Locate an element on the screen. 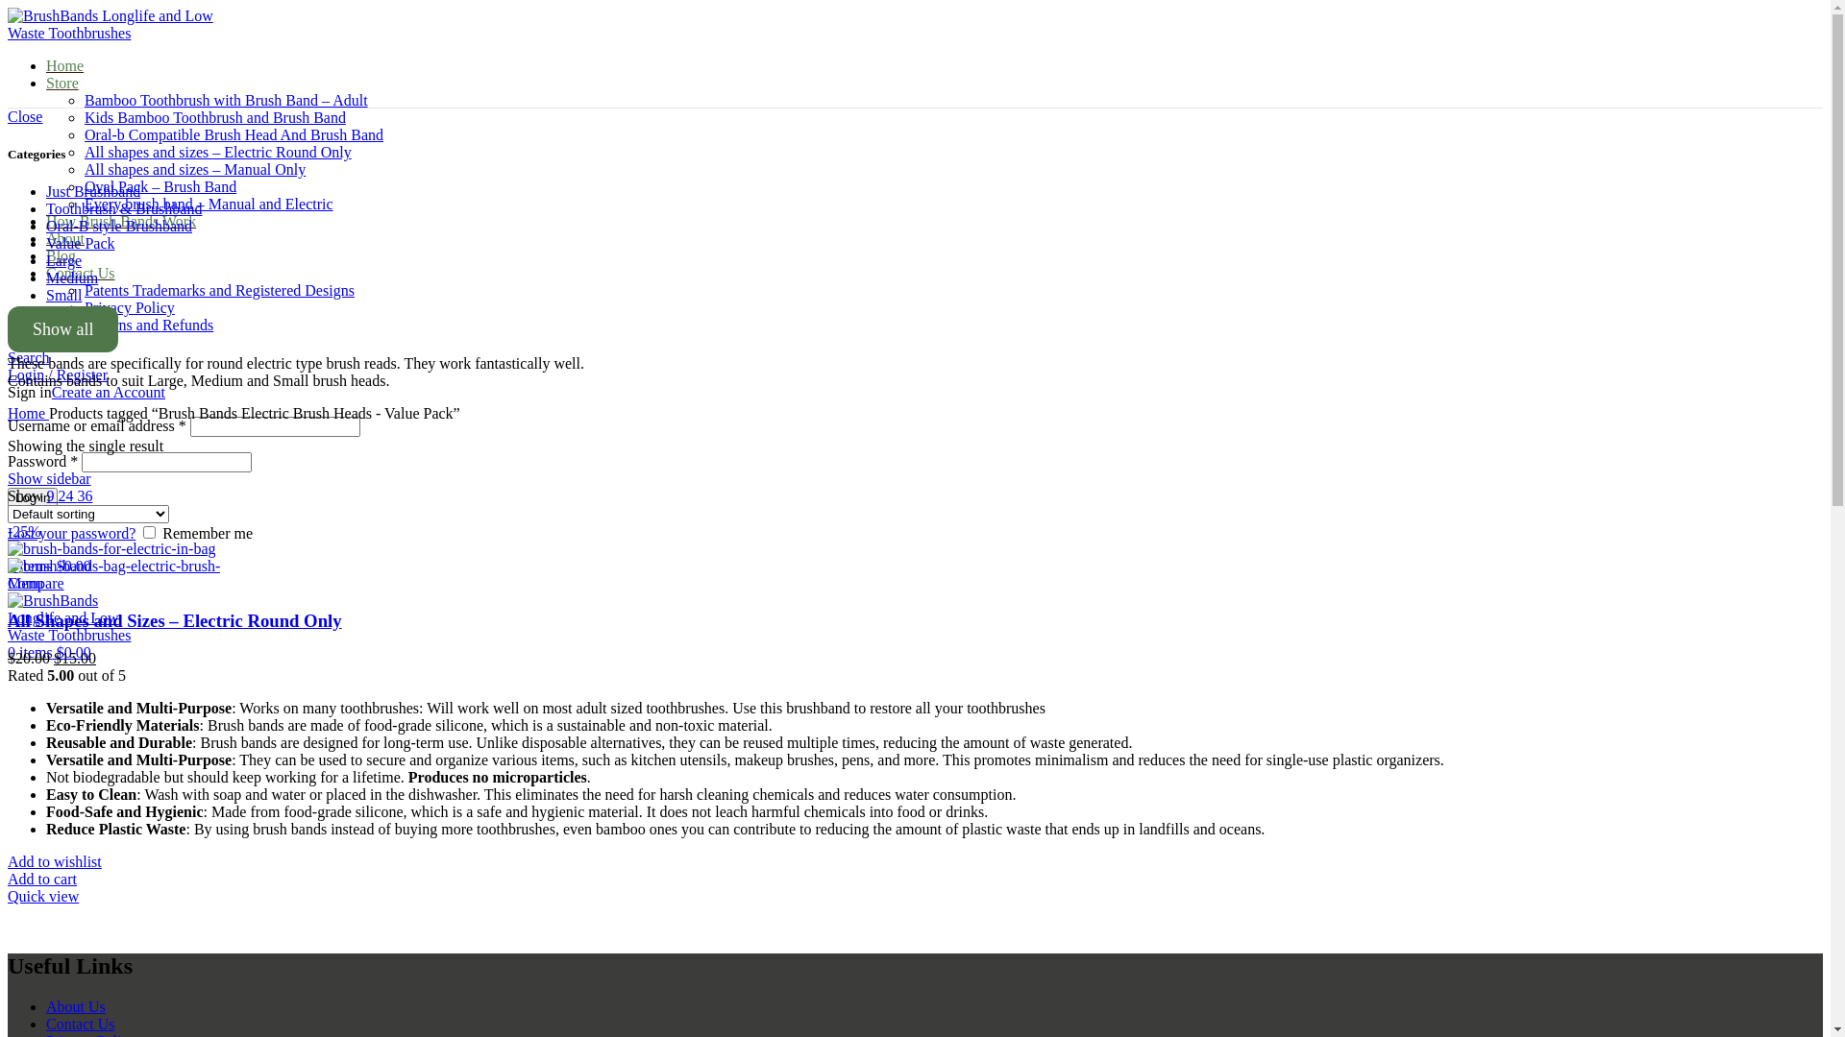  'Remember me' is located at coordinates (148, 532).